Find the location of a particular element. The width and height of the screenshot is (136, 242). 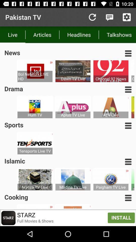

refresh screen is located at coordinates (92, 17).